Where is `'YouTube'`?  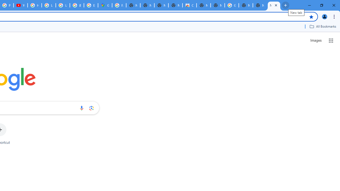
'YouTube' is located at coordinates (20, 5).